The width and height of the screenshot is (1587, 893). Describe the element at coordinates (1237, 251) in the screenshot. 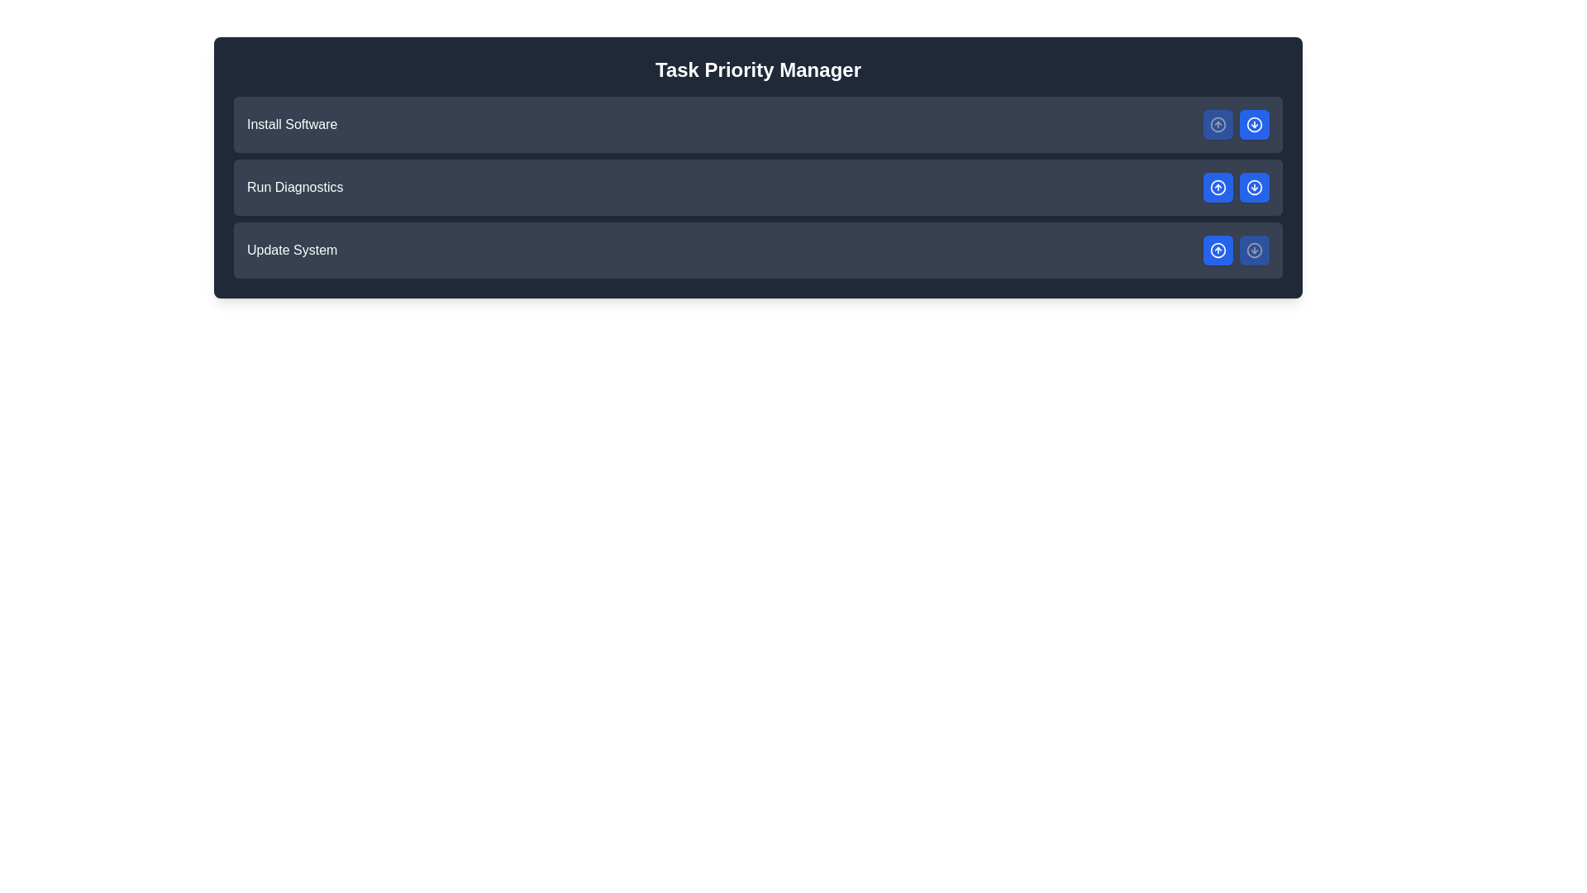

I see `the right button of the composite UI element with two arrow buttons to decrease priority, which is visually represented with a downward arrow icon` at that location.